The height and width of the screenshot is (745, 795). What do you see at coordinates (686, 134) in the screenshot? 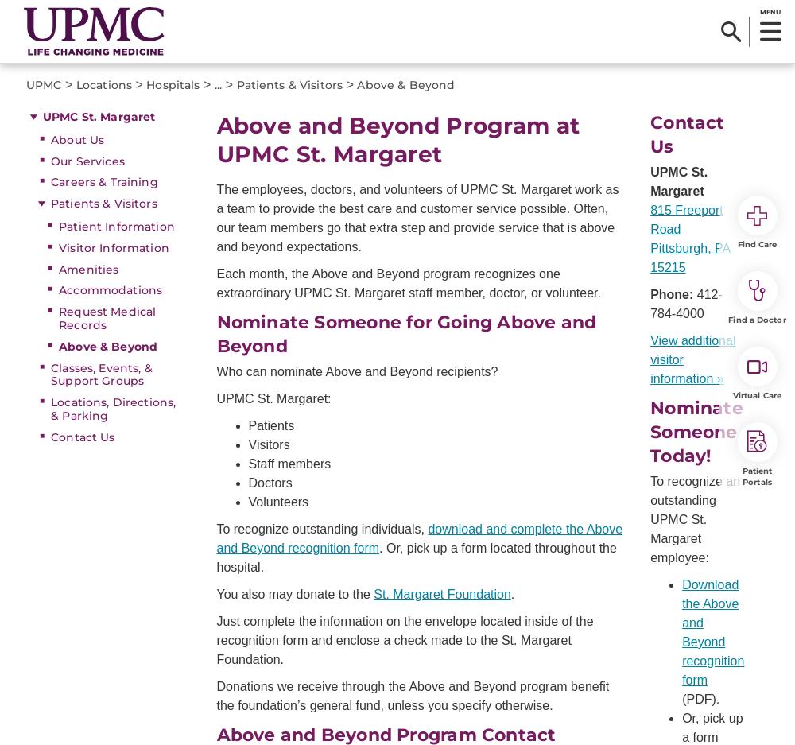
I see `'Contact Us'` at bounding box center [686, 134].